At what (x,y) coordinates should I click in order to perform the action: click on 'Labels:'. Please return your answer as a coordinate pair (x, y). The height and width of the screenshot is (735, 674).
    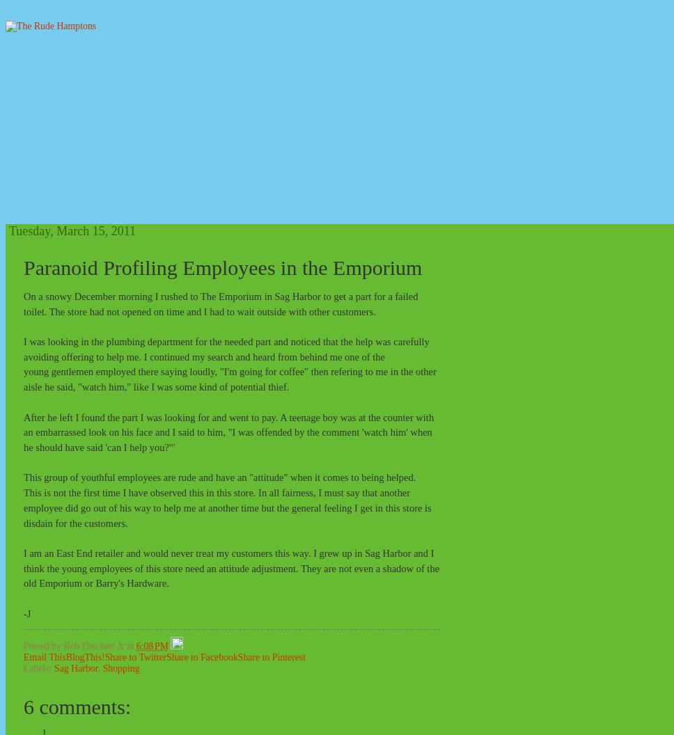
    Looking at the image, I should click on (38, 667).